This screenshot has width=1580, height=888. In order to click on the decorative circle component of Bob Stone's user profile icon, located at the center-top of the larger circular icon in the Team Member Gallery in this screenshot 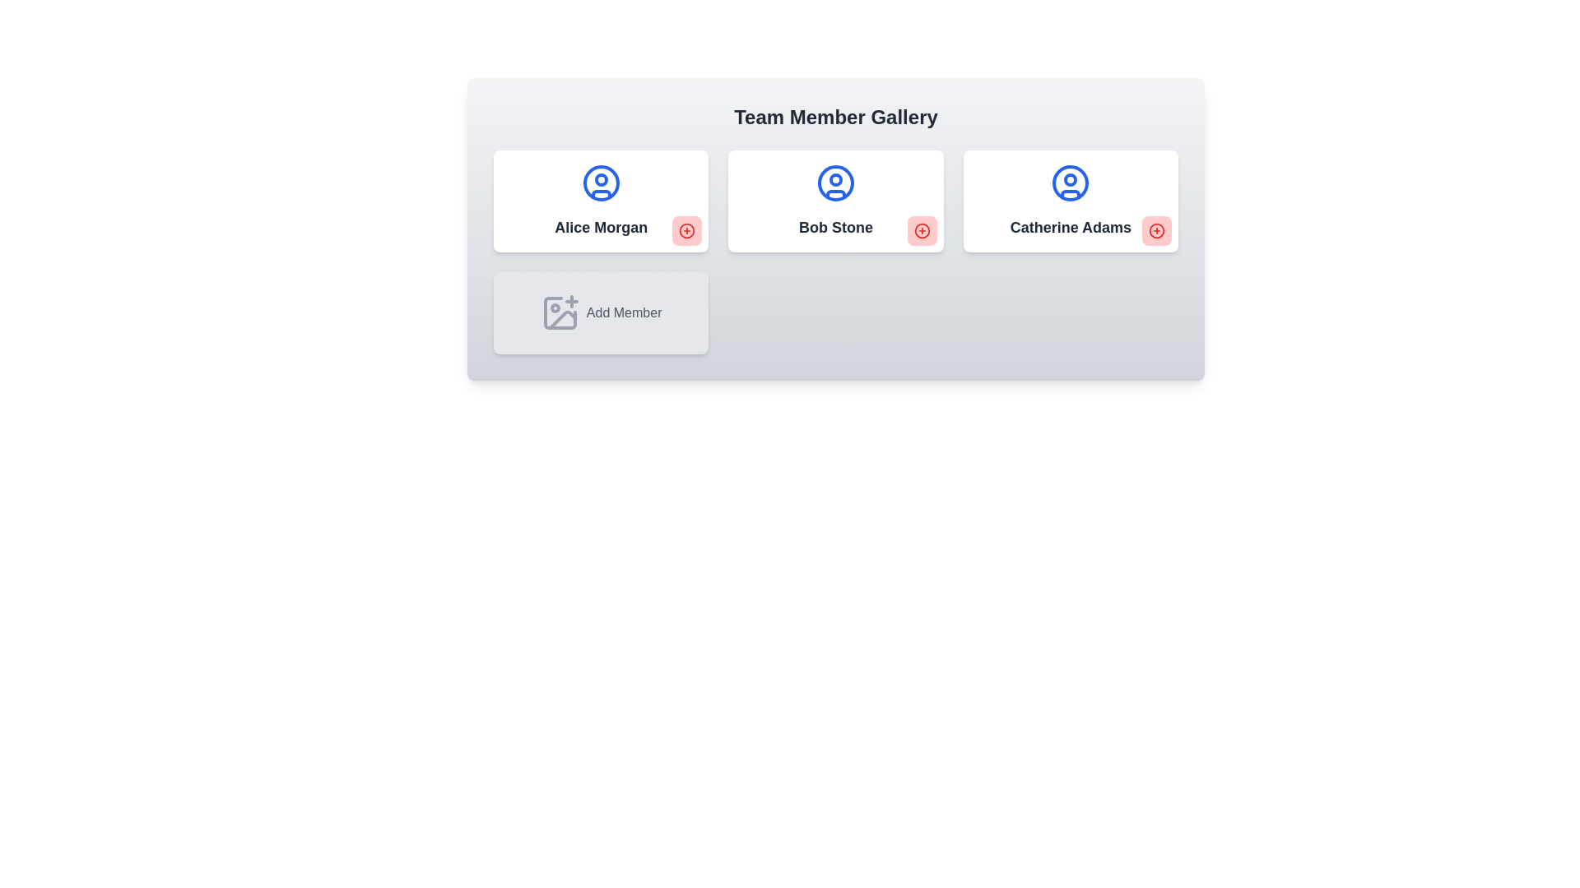, I will do `click(836, 180)`.